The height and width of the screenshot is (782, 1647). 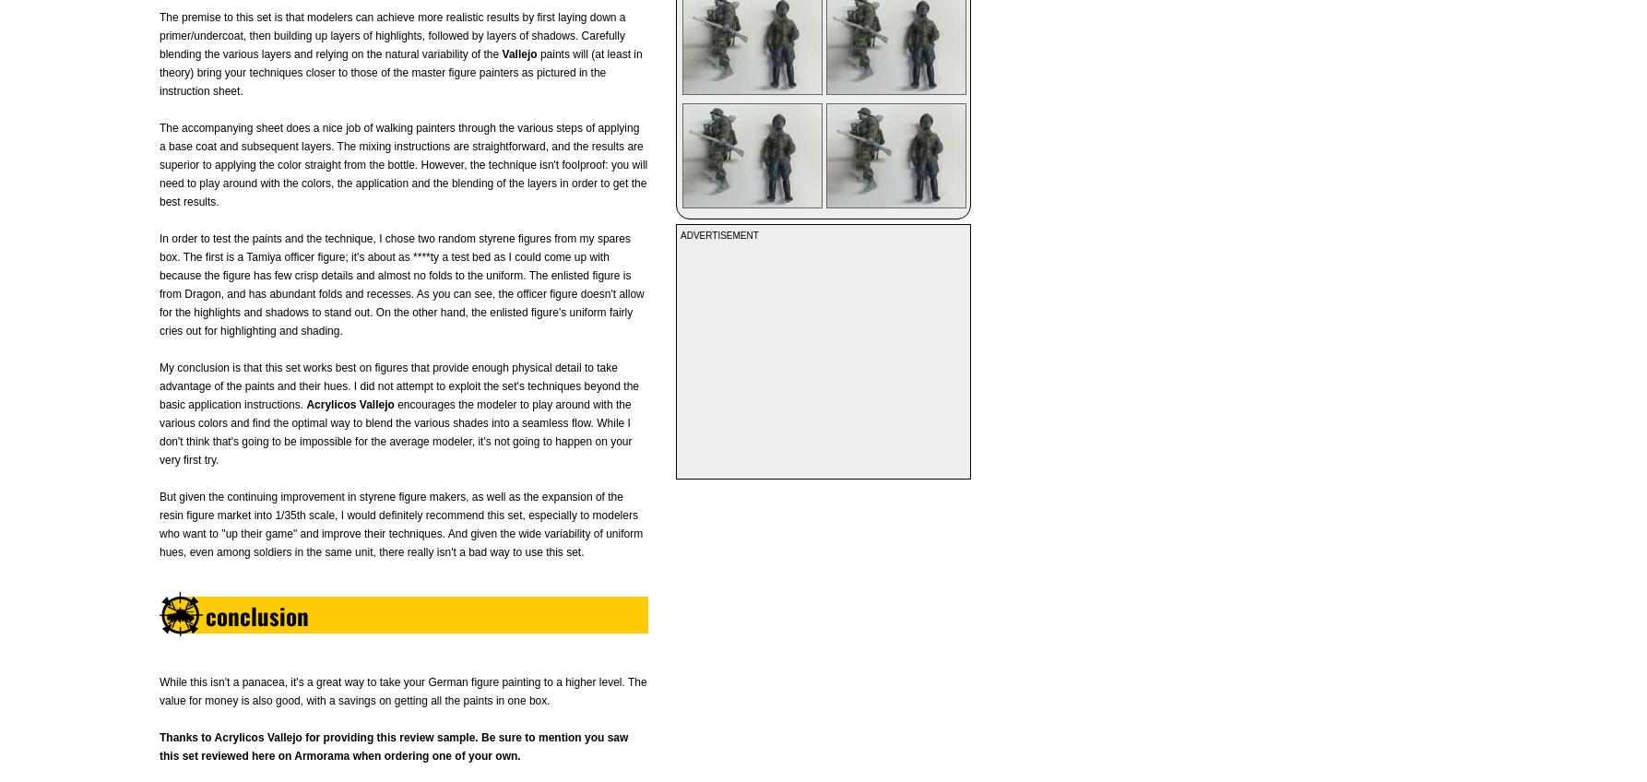 I want to click on 'The premise to this set is that modelers can achieve more realistic results by first laying down a primer/undercoat, then building up layers of highlights, followed by layers of shadows. Carefully blending the various layers and relying on the natural variability of the', so click(x=392, y=35).